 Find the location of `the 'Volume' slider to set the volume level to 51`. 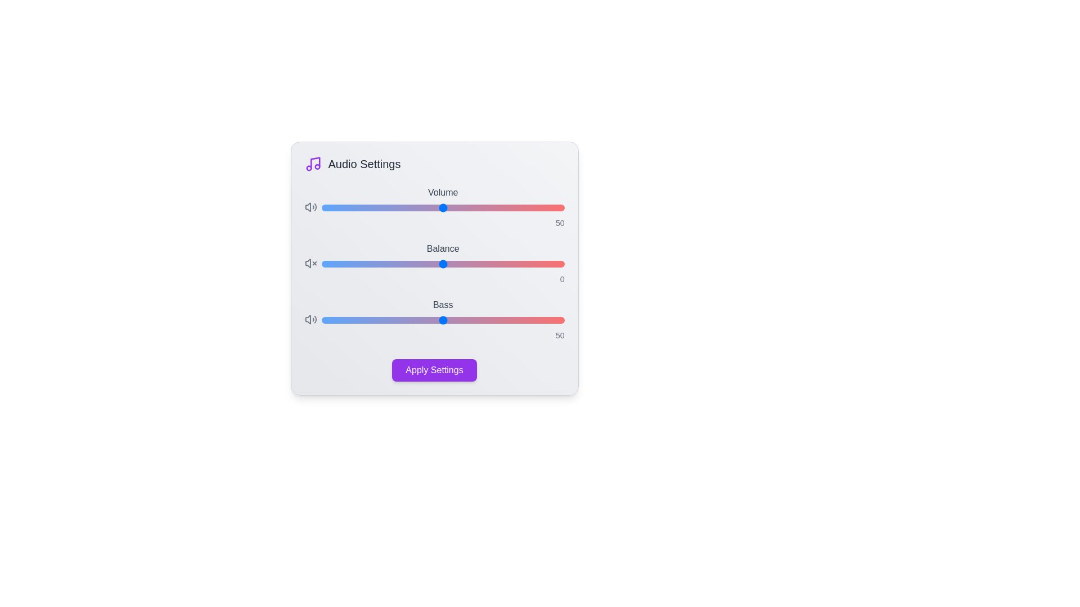

the 'Volume' slider to set the volume level to 51 is located at coordinates (445, 208).